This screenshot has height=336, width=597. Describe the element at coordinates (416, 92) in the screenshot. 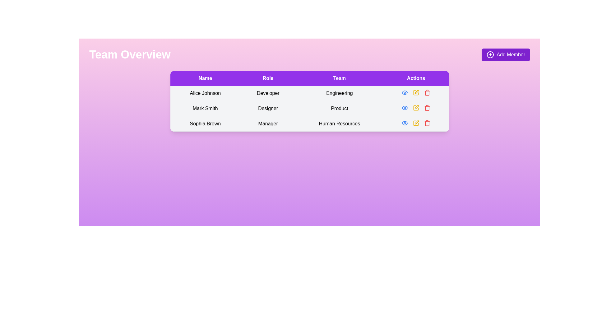

I see `the yellow pencil icon in the actions column` at that location.